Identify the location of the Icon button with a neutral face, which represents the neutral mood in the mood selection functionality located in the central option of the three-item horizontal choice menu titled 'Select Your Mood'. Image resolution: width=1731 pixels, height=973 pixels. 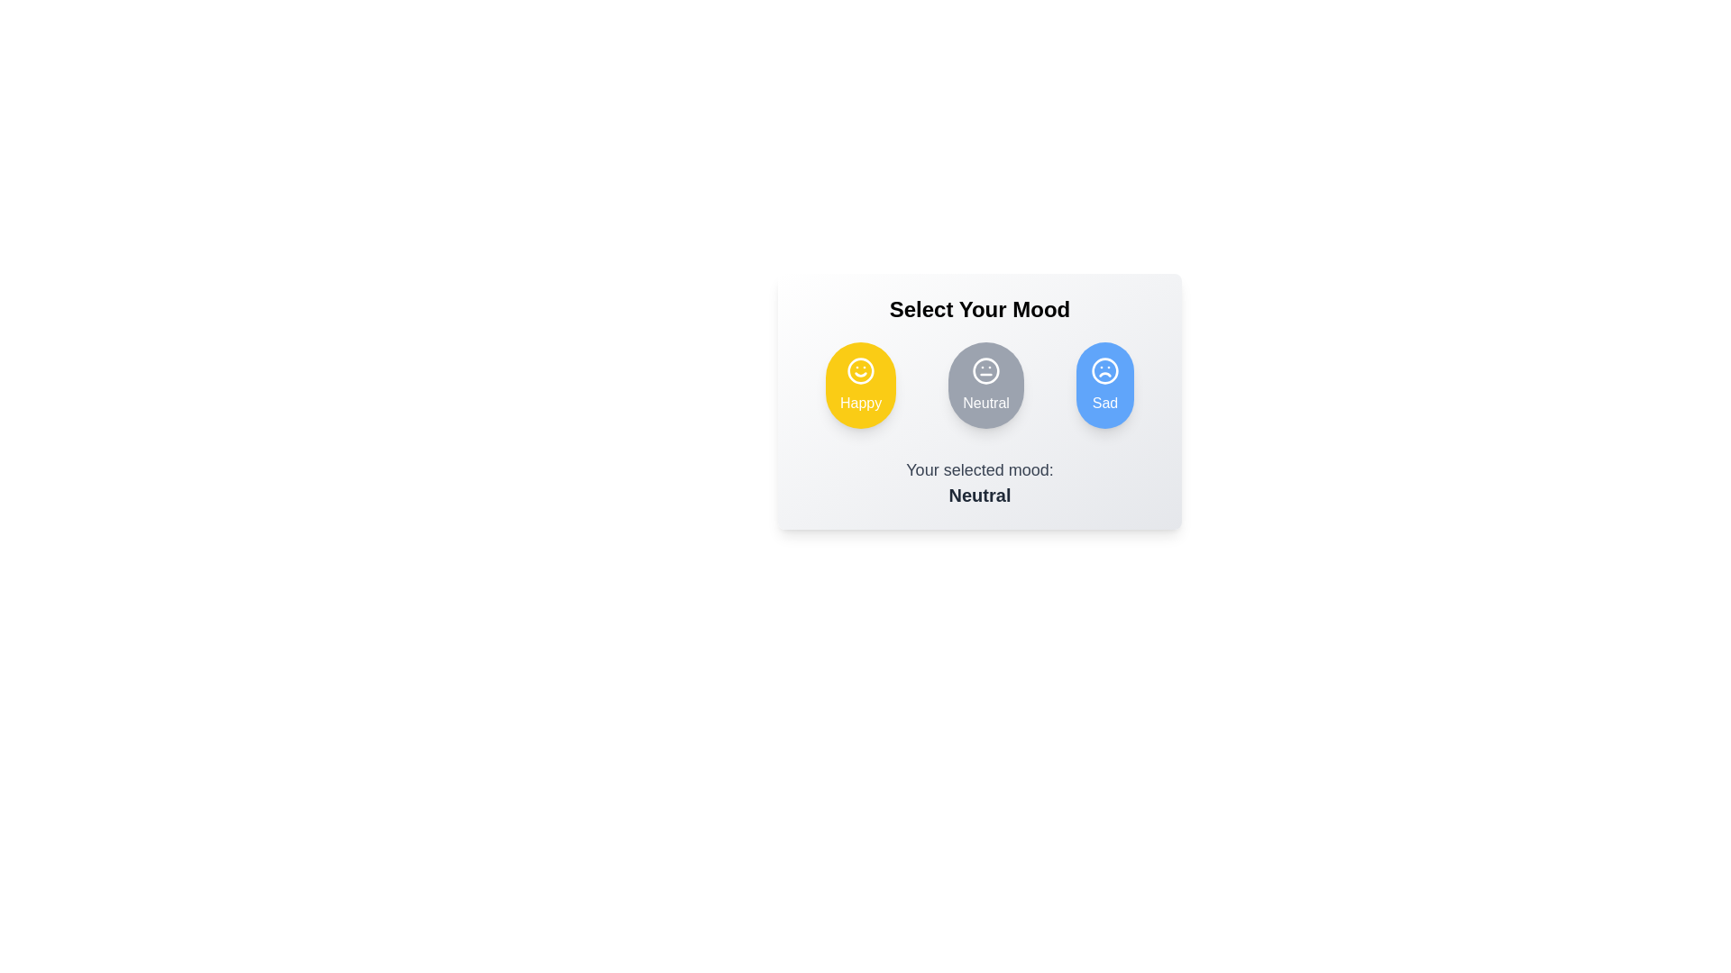
(985, 370).